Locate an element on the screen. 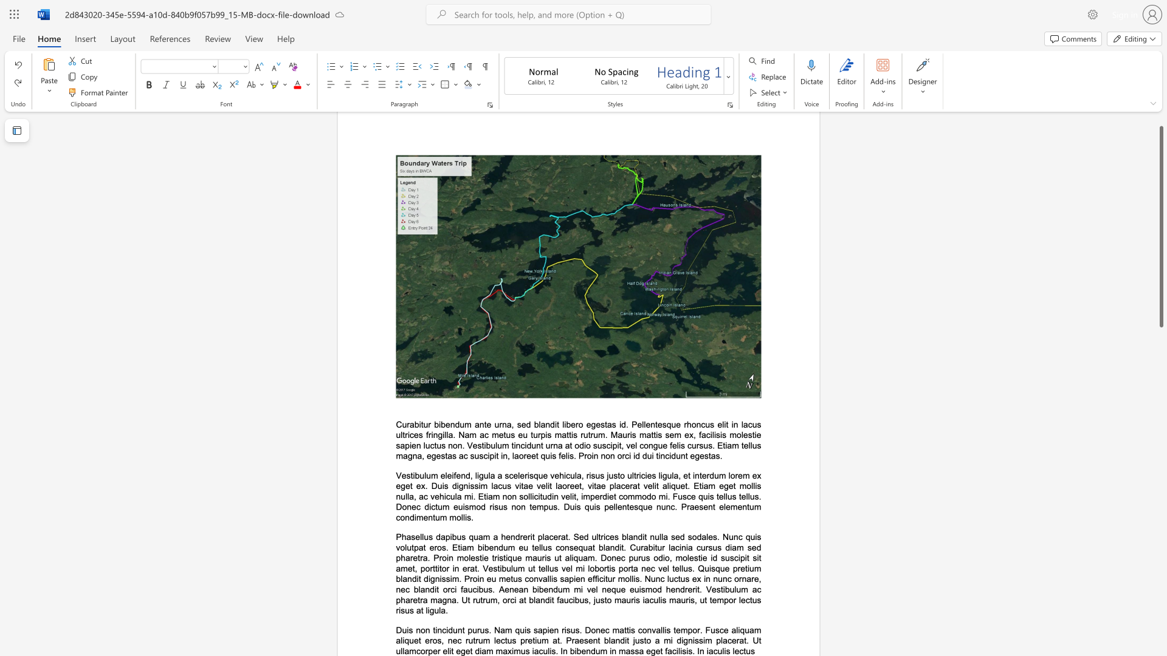  the subset text "amcorper elit eget diam maximus iaculis. In bibend" within the text "Duis non tincidunt purus. Nam quis sapien risus. Donec mattis convallis tempor. Fusce aliquam aliquet eros, nec rutrum lectus pretium at. Praesent blandit justo a mi dignissim placerat. Ut ullamcorper elit eget diam maximus iaculis. In bibendum in massa eget facilisis. In iaculis lectus" is located at coordinates (404, 651).